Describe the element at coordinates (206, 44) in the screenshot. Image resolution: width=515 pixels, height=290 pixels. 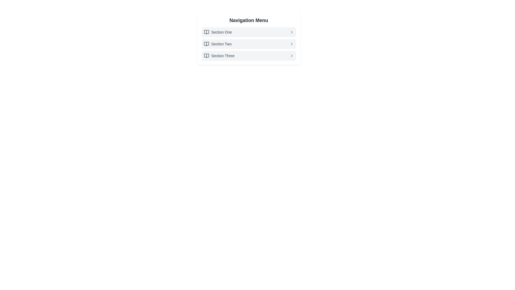
I see `the open book icon located to the left of the 'Section Two' label` at that location.